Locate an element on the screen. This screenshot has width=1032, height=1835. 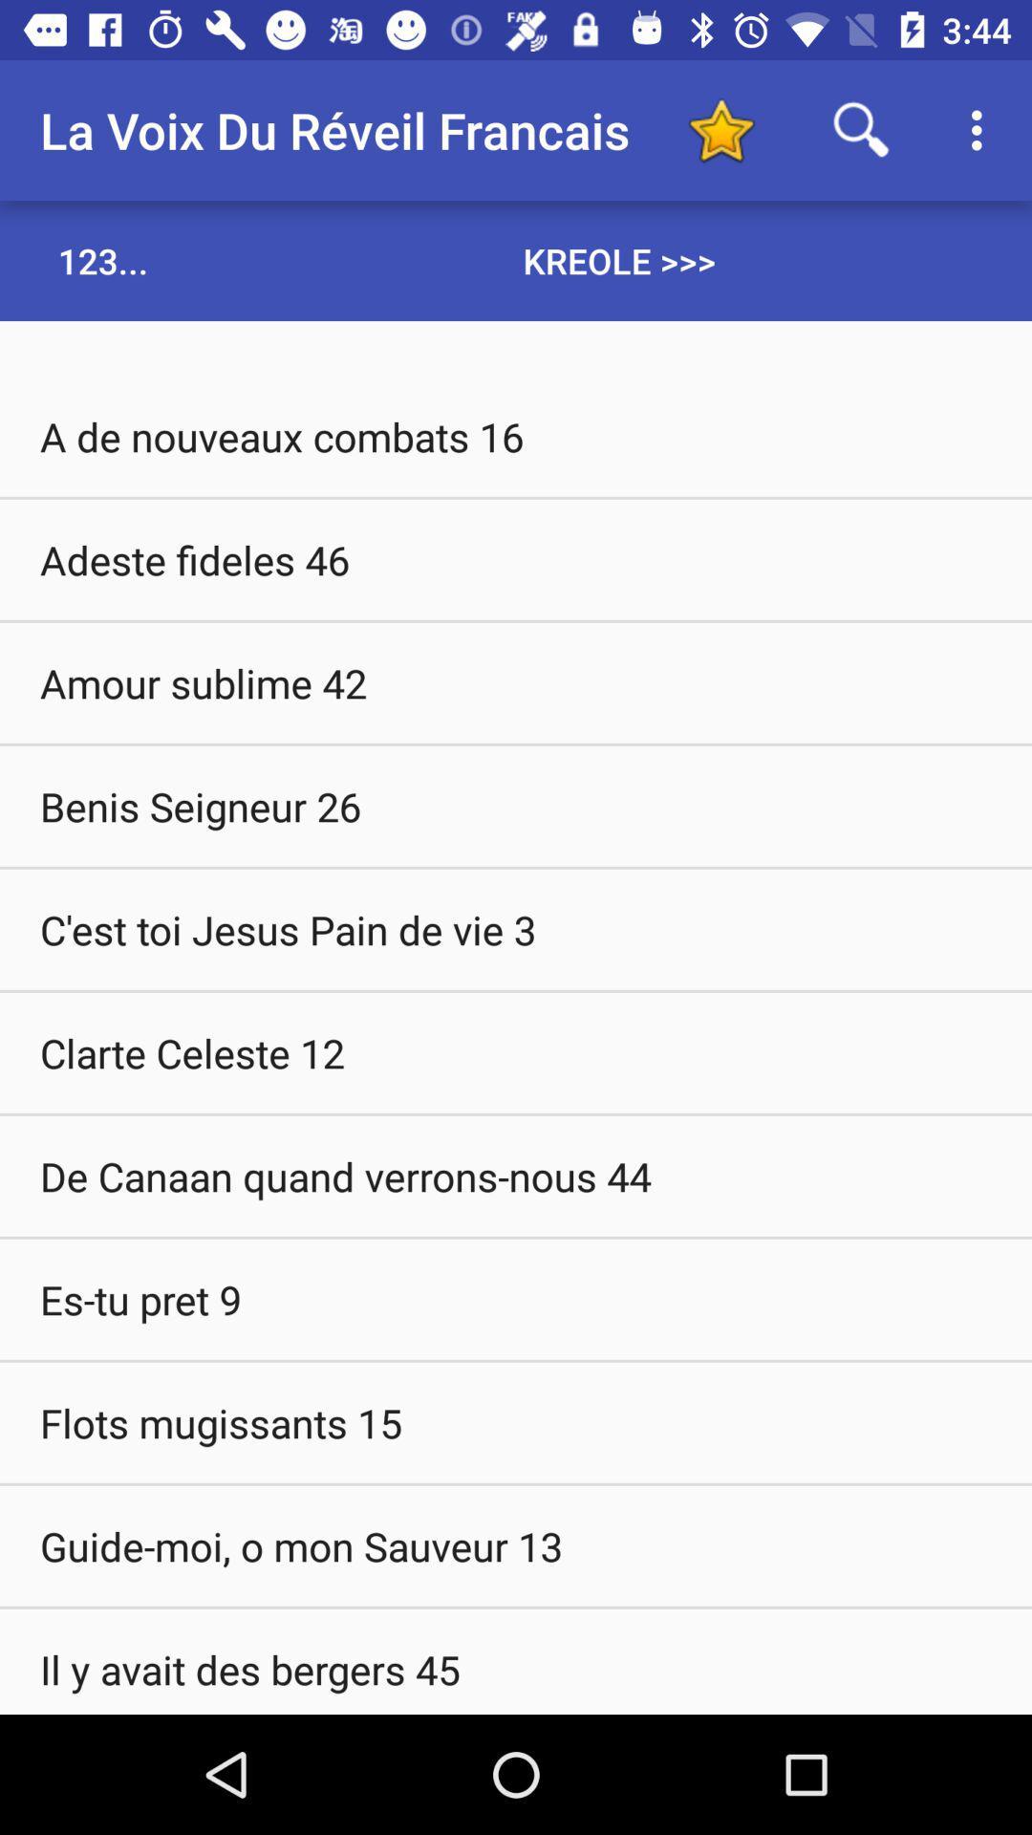
a de nouveaux icon is located at coordinates (516, 435).